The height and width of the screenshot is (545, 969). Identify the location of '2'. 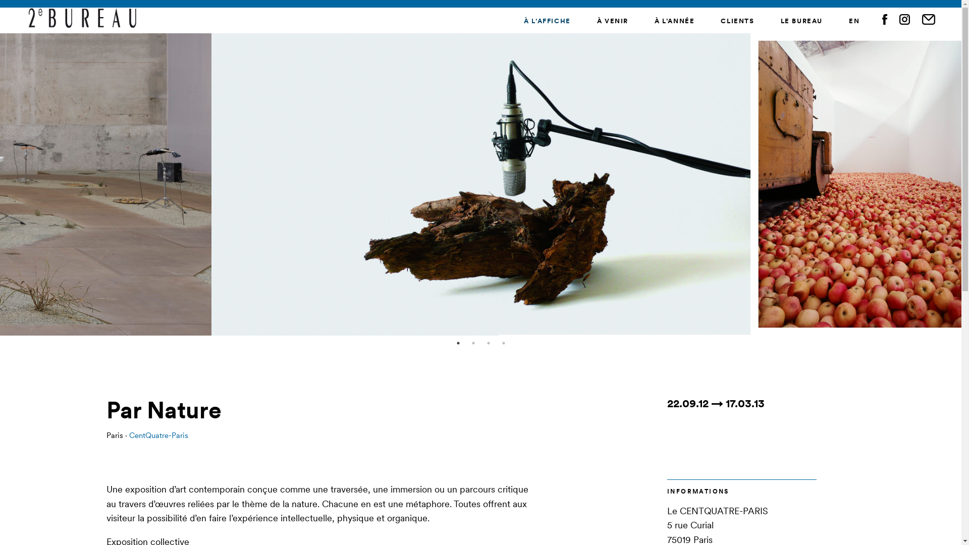
(472, 342).